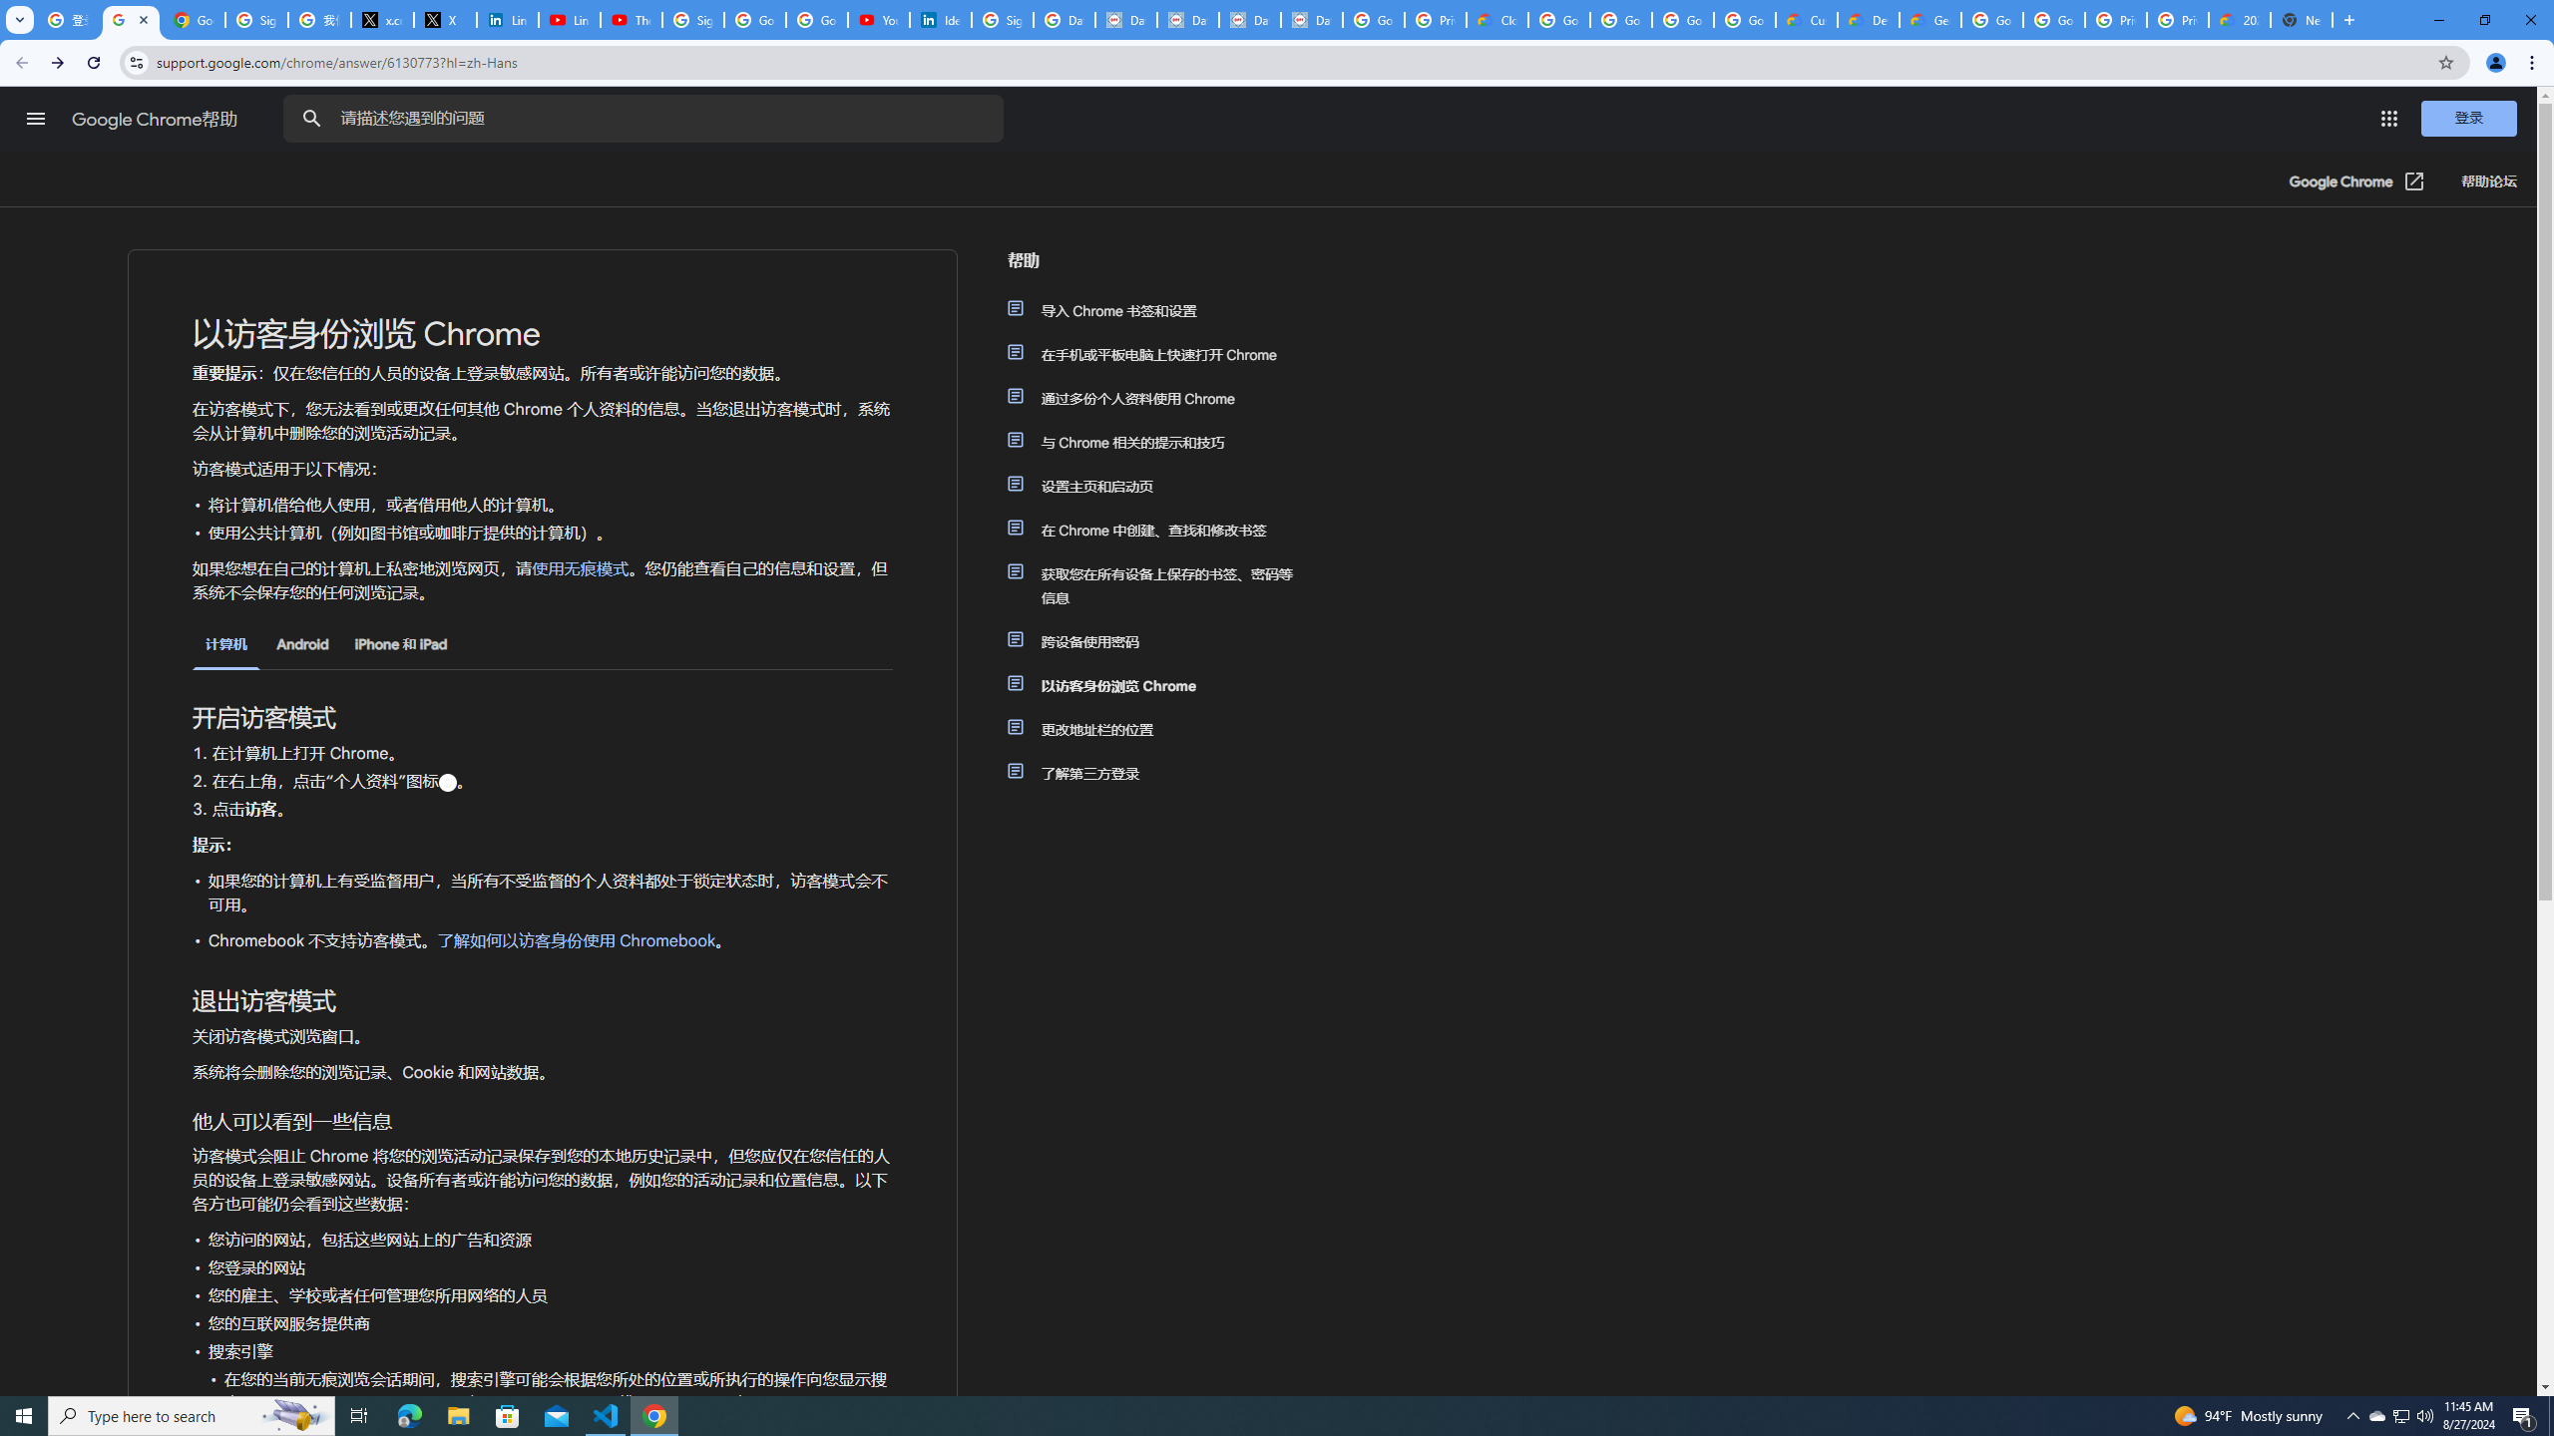 This screenshot has height=1436, width=2554. Describe the element at coordinates (1744, 19) in the screenshot. I see `'Google Workspace - Specific Terms'` at that location.